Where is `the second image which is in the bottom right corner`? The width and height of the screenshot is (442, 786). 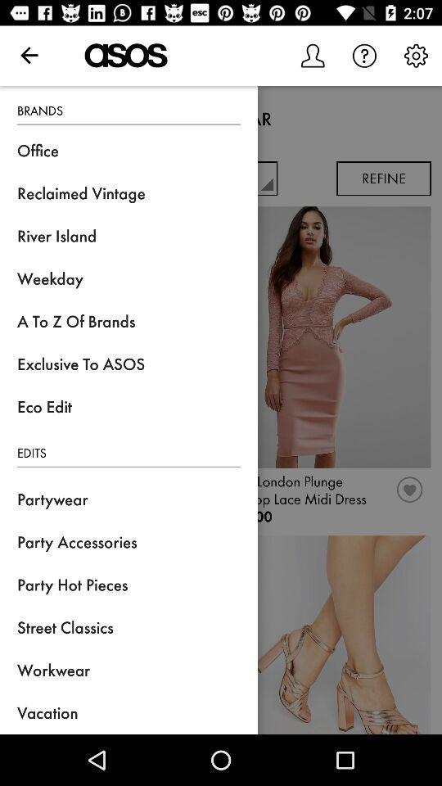
the second image which is in the bottom right corner is located at coordinates (328, 634).